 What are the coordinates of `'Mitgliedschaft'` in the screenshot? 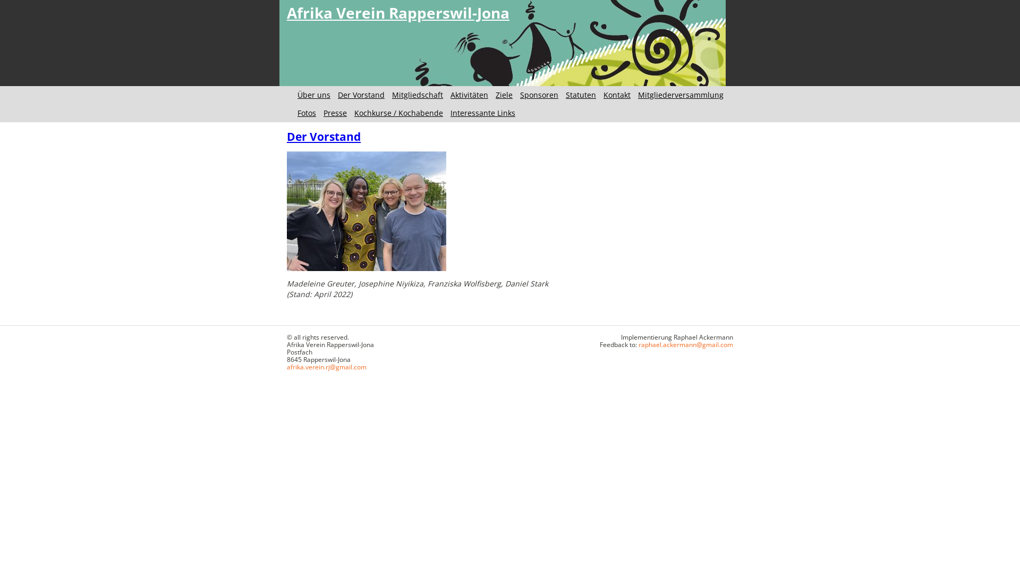 It's located at (417, 94).